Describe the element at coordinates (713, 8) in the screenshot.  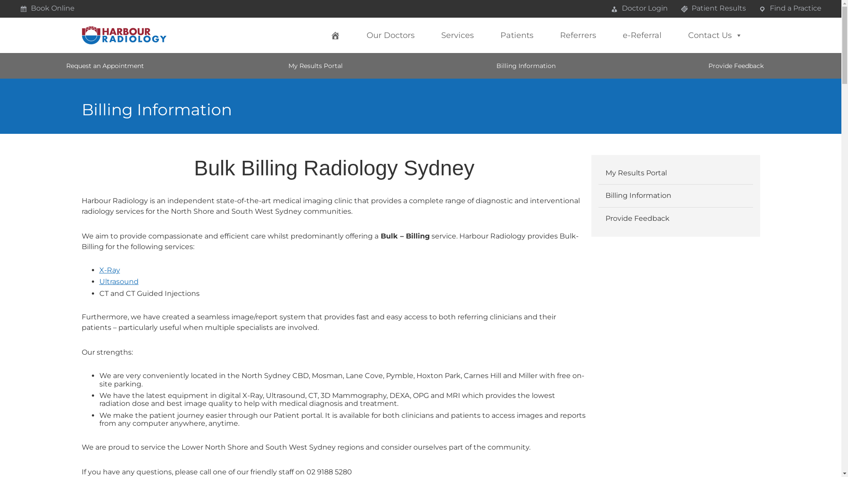
I see `'Patient Results'` at that location.